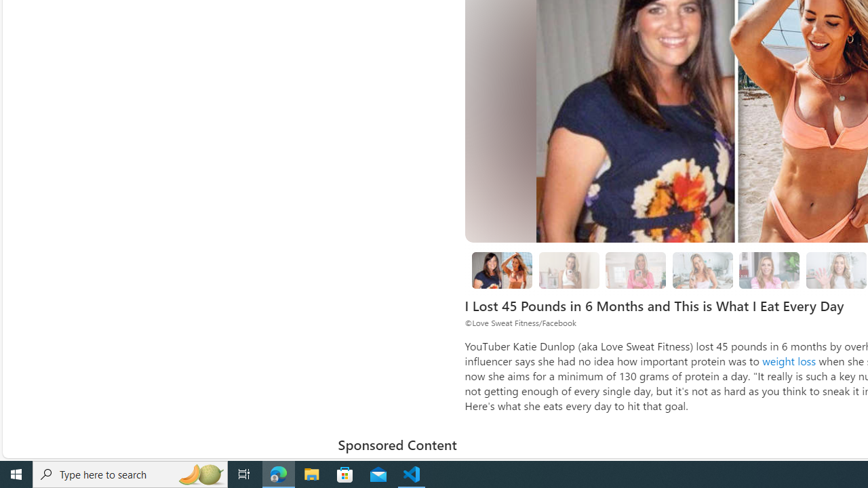 The width and height of the screenshot is (868, 488). Describe the element at coordinates (835, 270) in the screenshot. I see `'15 Katie Stopped Trash Talking Yourself'` at that location.